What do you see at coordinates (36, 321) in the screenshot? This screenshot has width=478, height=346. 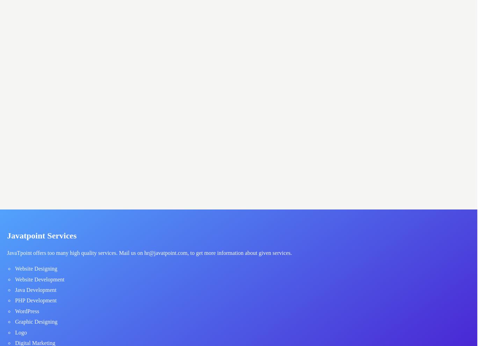 I see `'Graphic Designing'` at bounding box center [36, 321].